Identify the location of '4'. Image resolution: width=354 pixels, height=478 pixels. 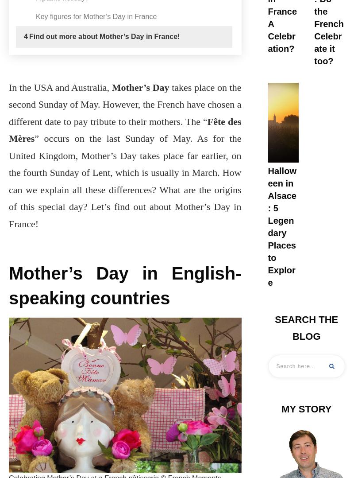
(25, 36).